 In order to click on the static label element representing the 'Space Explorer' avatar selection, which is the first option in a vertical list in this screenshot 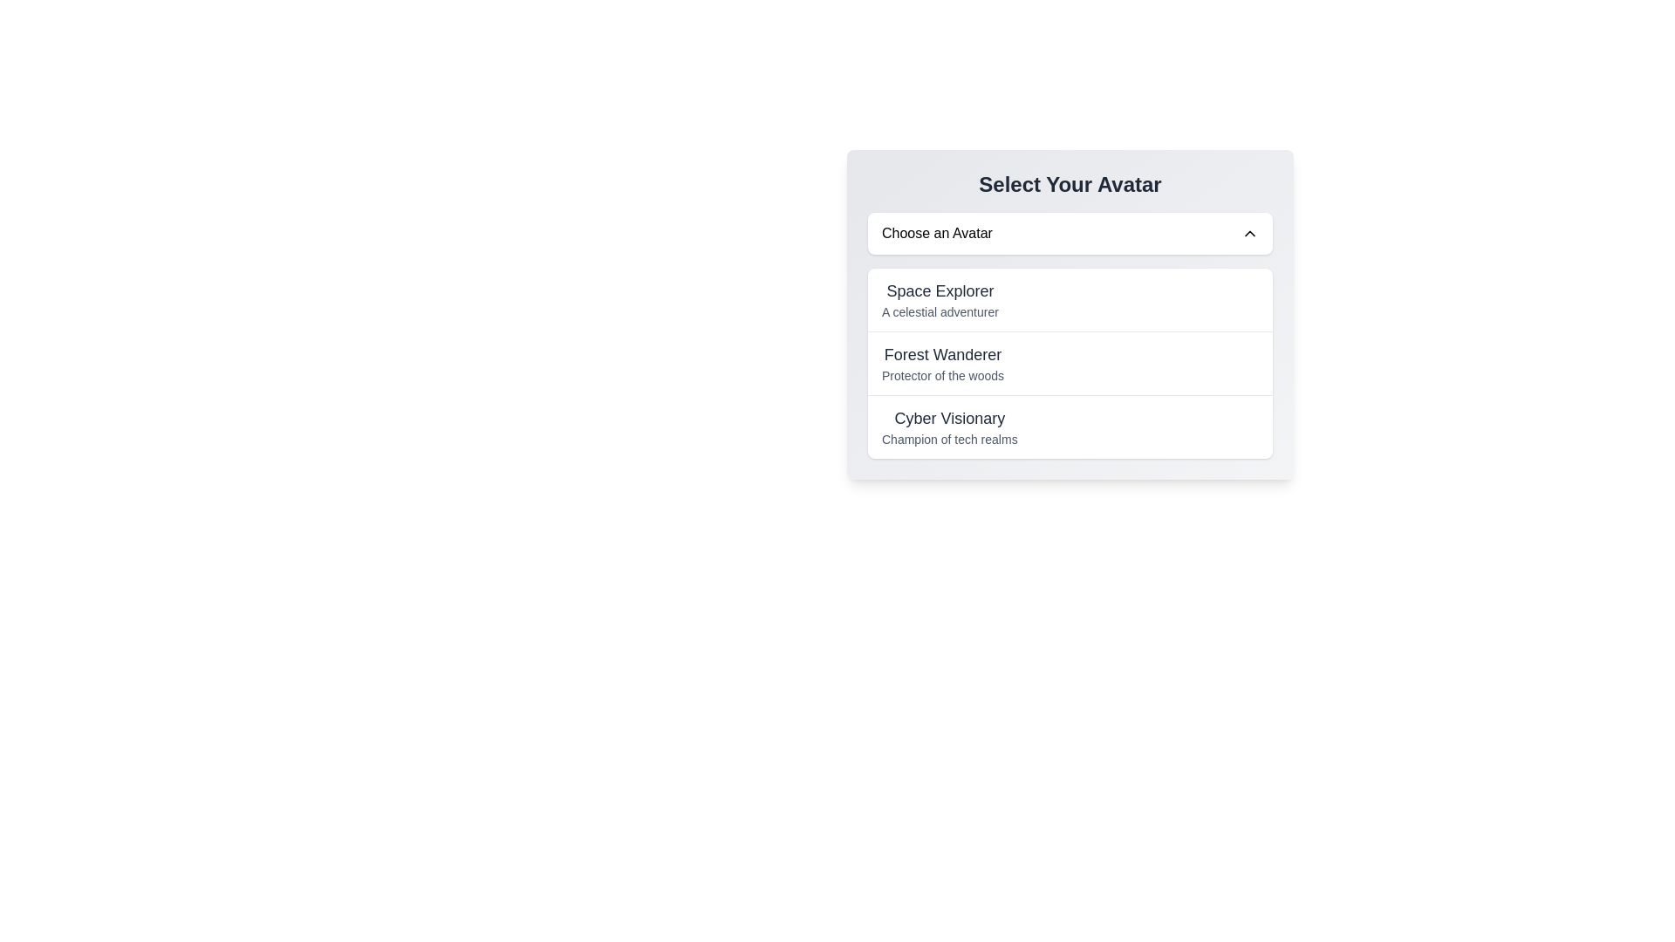, I will do `click(939, 290)`.